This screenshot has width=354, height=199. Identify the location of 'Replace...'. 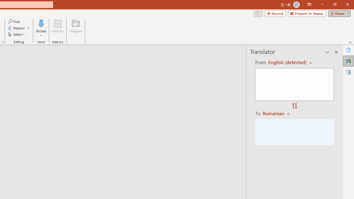
(17, 28).